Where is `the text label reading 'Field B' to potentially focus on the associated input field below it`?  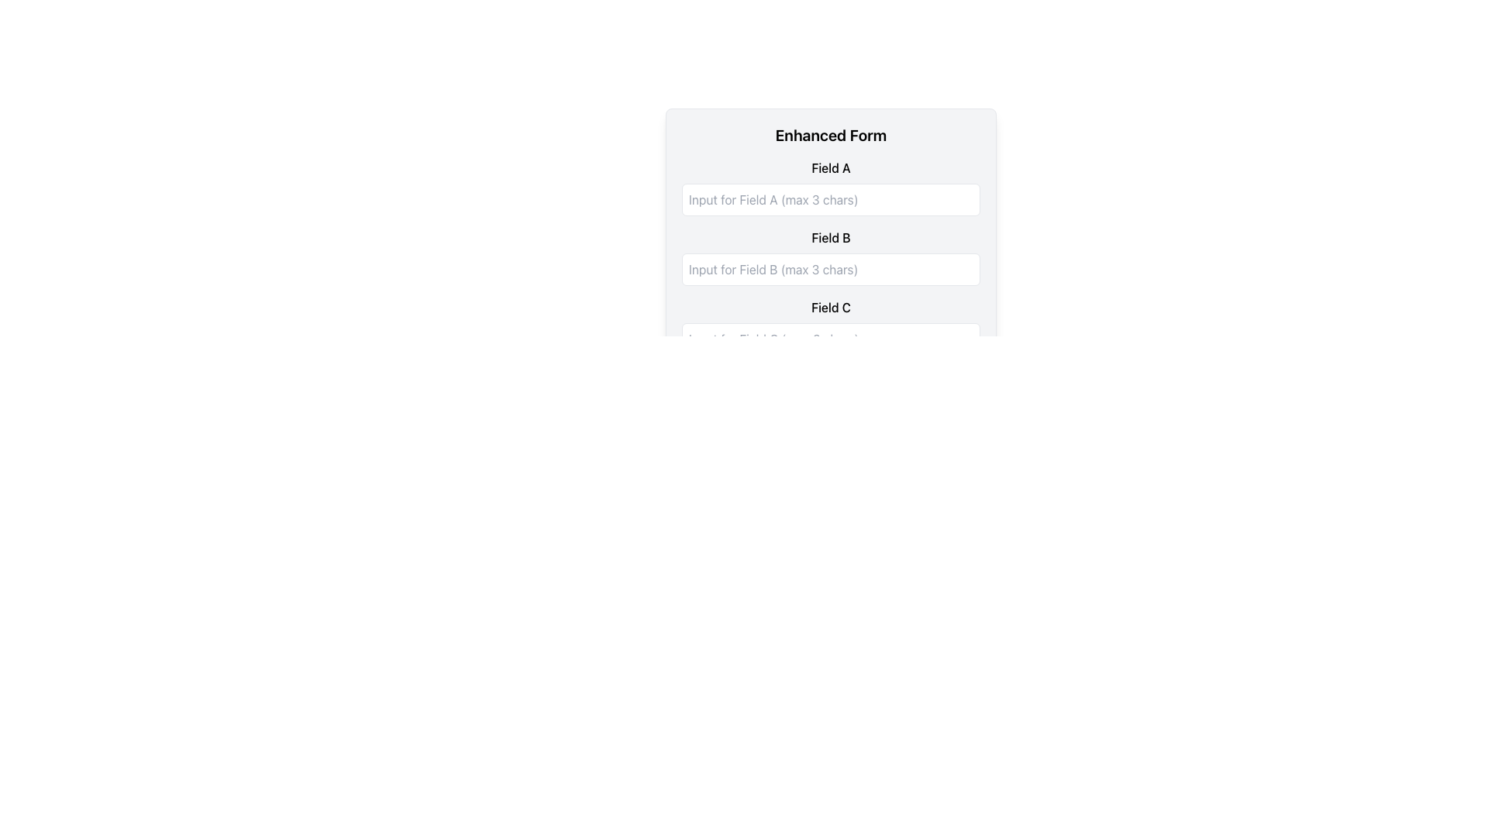 the text label reading 'Field B' to potentially focus on the associated input field below it is located at coordinates (830, 238).